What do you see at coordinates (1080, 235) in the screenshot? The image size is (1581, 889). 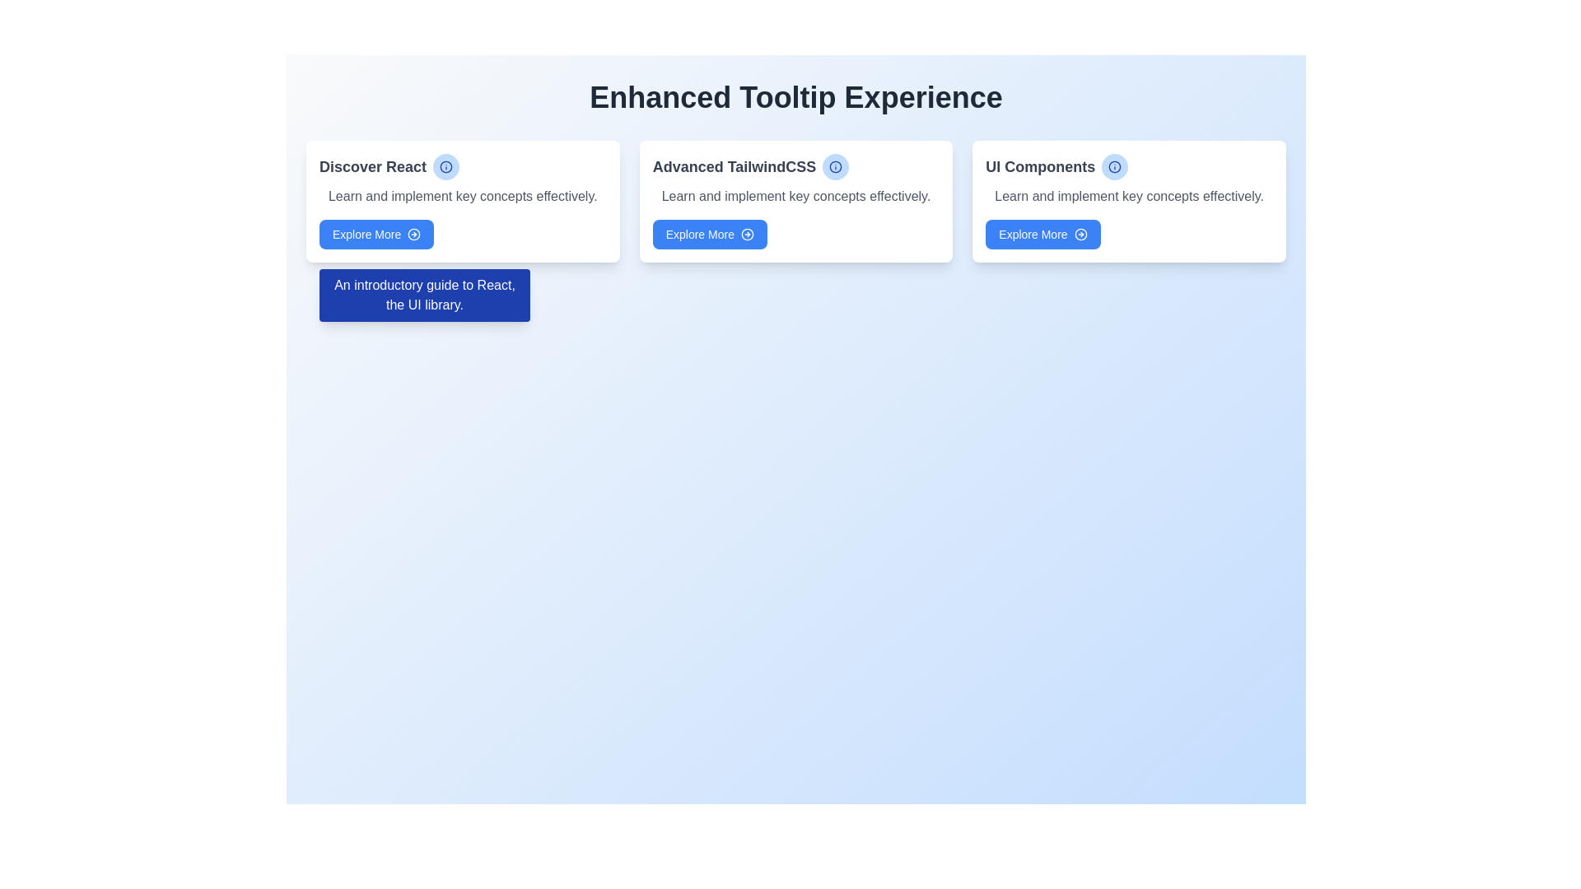 I see `the circular icon with a centered dot indicating a rightward arrow, located within the 'Explore More' button under the 'UI Components' section` at bounding box center [1080, 235].